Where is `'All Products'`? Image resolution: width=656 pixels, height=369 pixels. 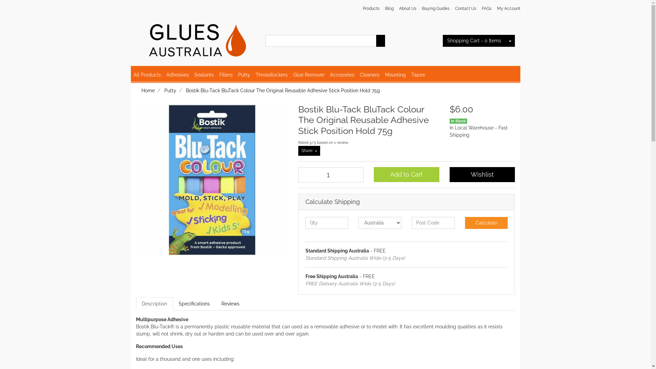
'All Products' is located at coordinates (147, 75).